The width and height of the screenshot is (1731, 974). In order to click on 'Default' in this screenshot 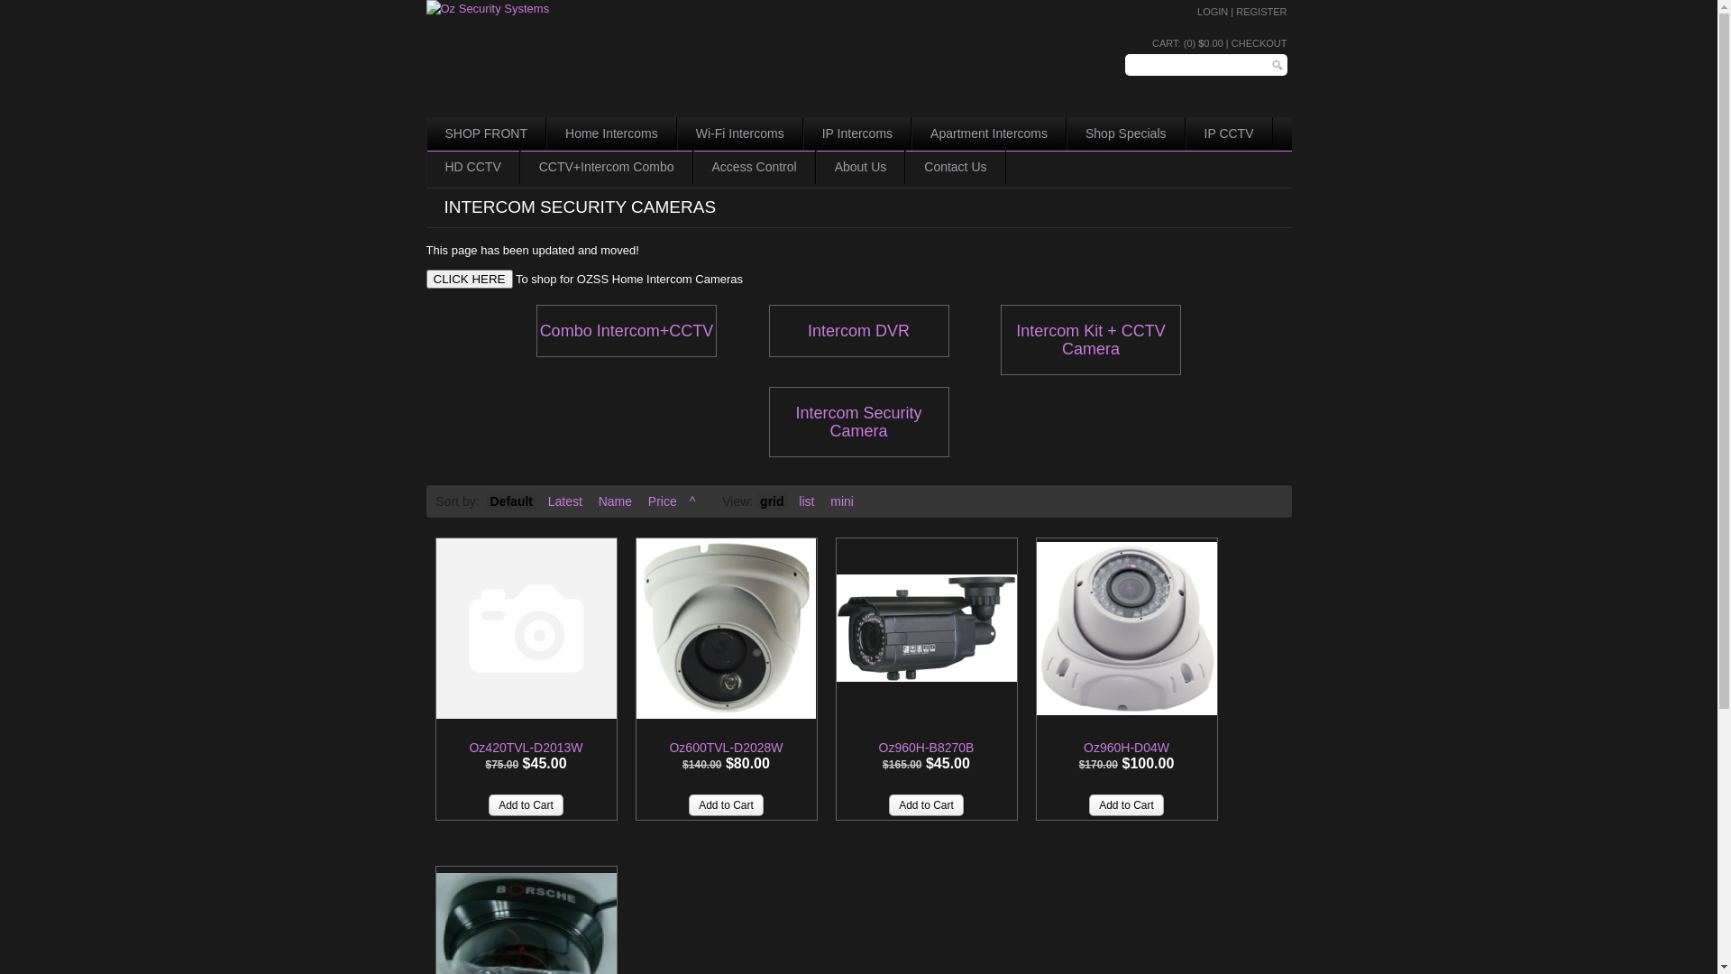, I will do `click(510, 501)`.